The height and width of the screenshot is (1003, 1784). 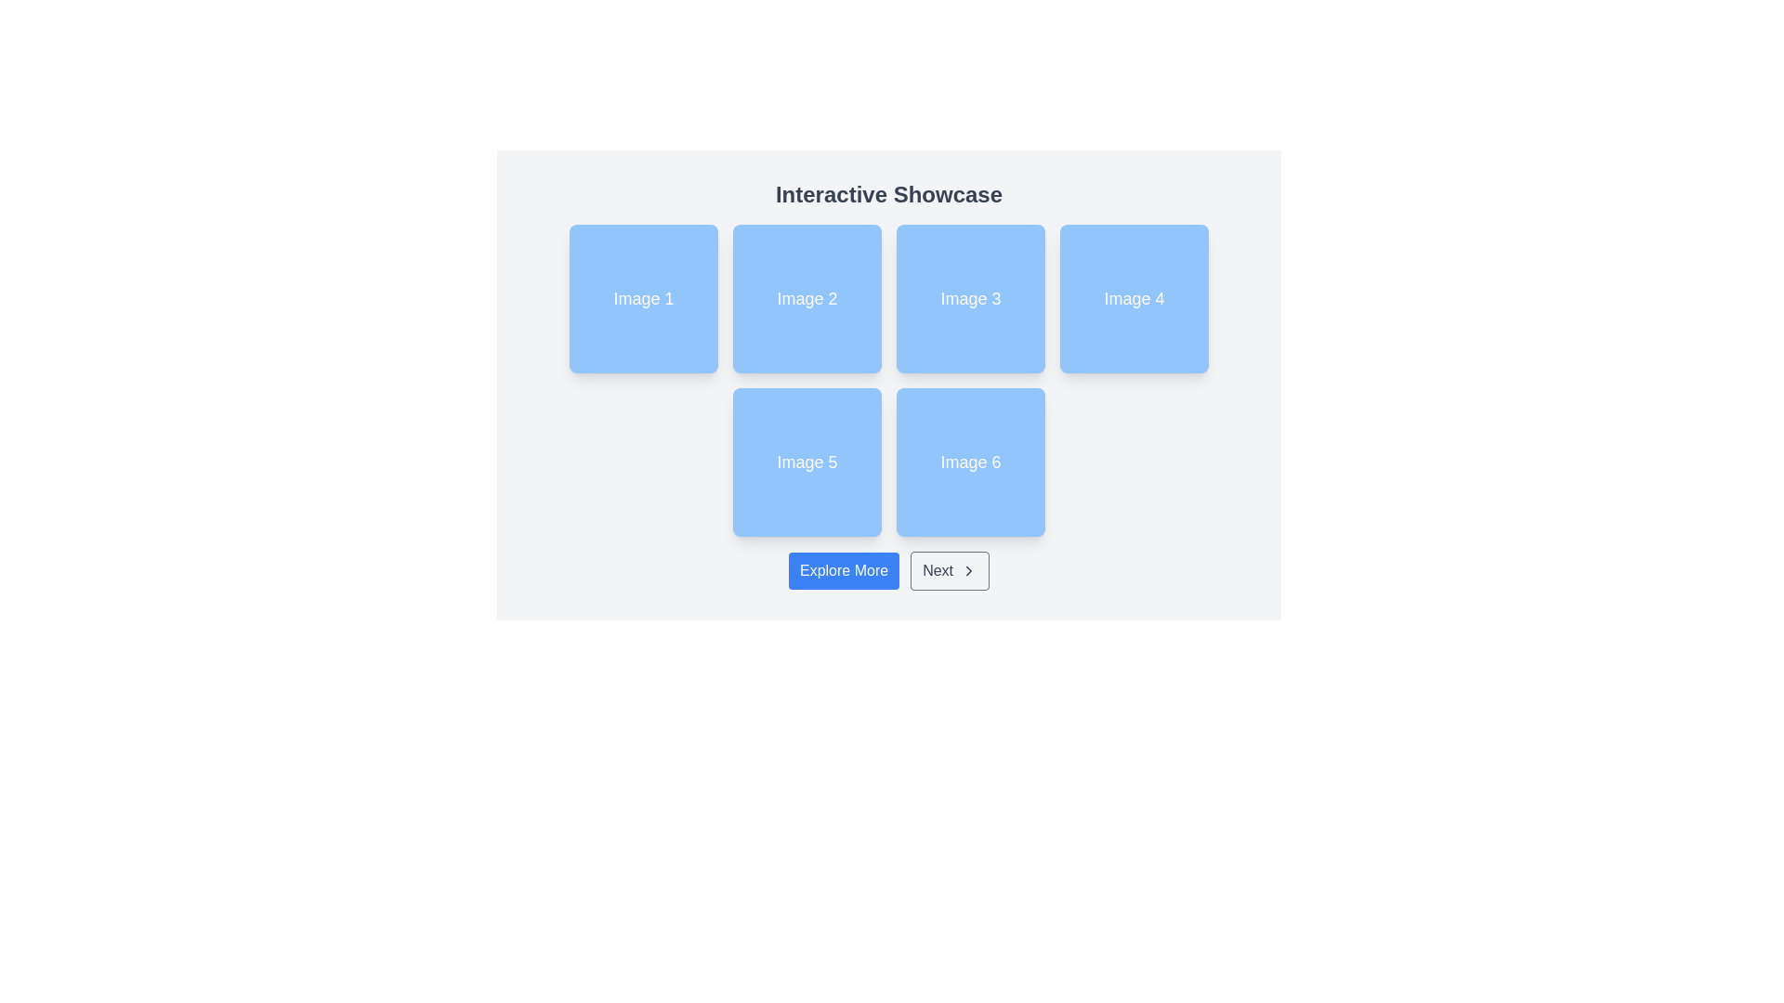 I want to click on the 'Next' button, which is a horizontally-aligned button with gray text and a right-facing arrow icon, located near the bottom-center of the interface, so click(x=950, y=569).